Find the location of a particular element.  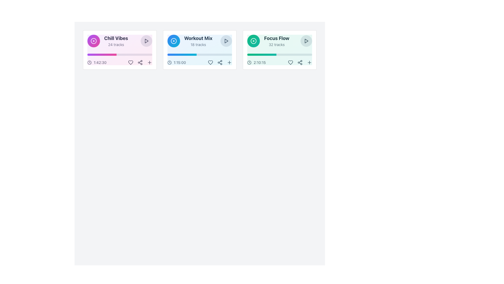

the sharing button located in the 'Workout Mix' card, which is the second card in the row, positioned between the heart and plus icons is located at coordinates (220, 62).